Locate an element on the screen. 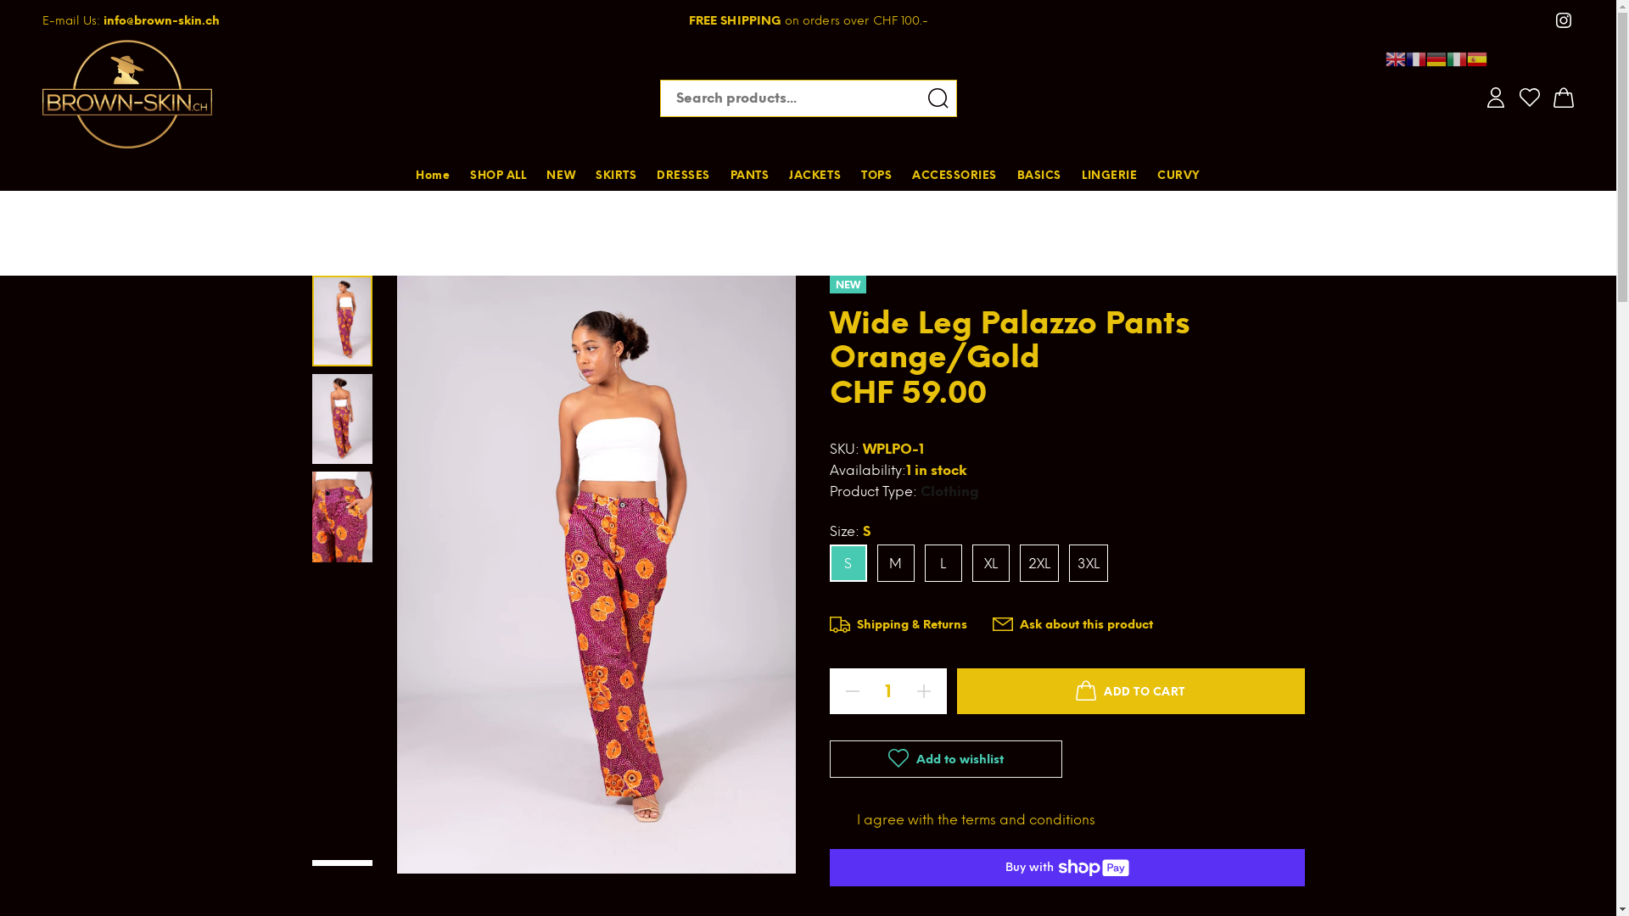 This screenshot has height=916, width=1629. 'CURVY' is located at coordinates (1173, 174).